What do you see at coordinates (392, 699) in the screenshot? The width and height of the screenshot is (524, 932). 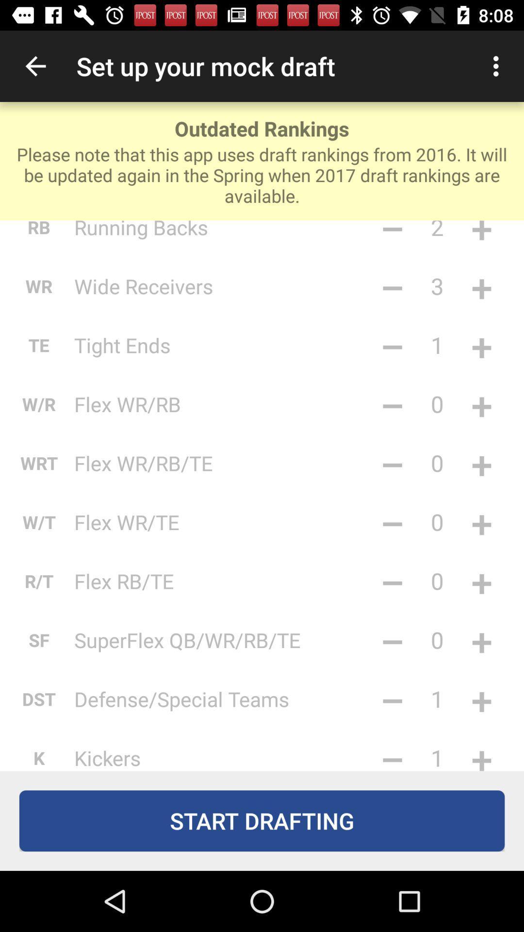 I see `item next to 1 icon` at bounding box center [392, 699].